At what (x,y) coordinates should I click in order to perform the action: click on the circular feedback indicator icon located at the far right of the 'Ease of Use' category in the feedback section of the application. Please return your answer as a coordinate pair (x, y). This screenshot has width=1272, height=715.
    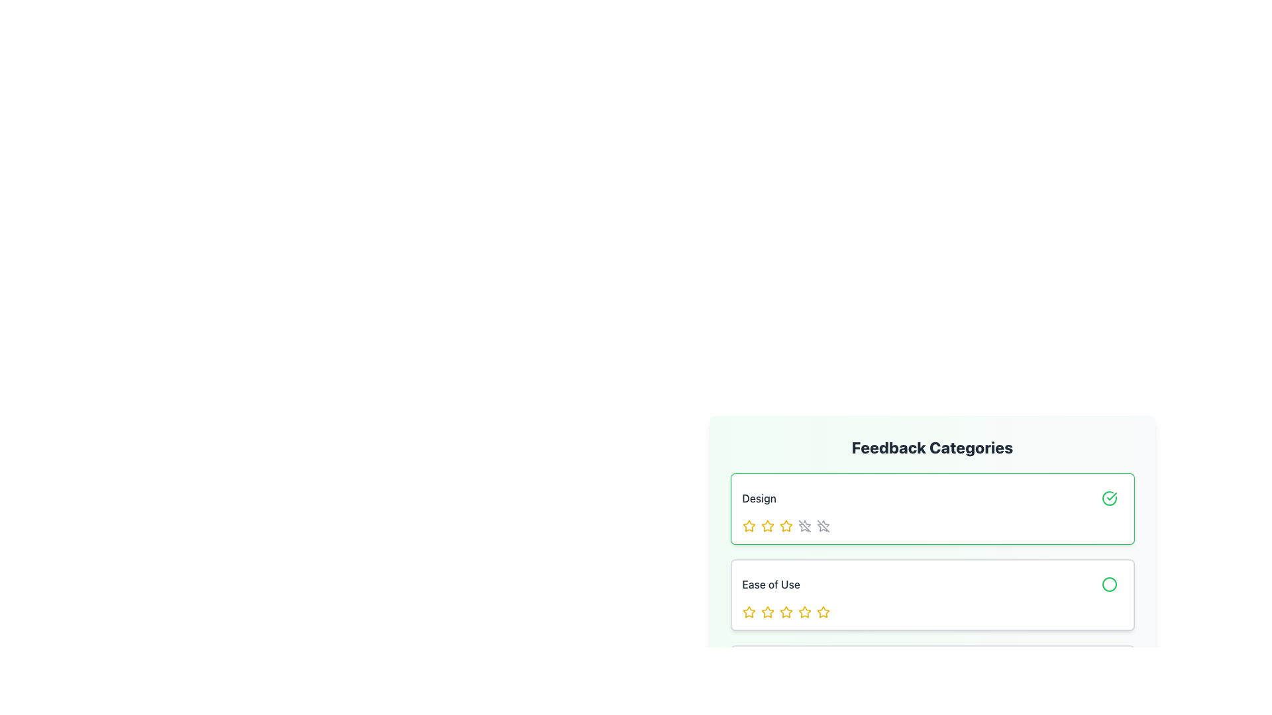
    Looking at the image, I should click on (1109, 584).